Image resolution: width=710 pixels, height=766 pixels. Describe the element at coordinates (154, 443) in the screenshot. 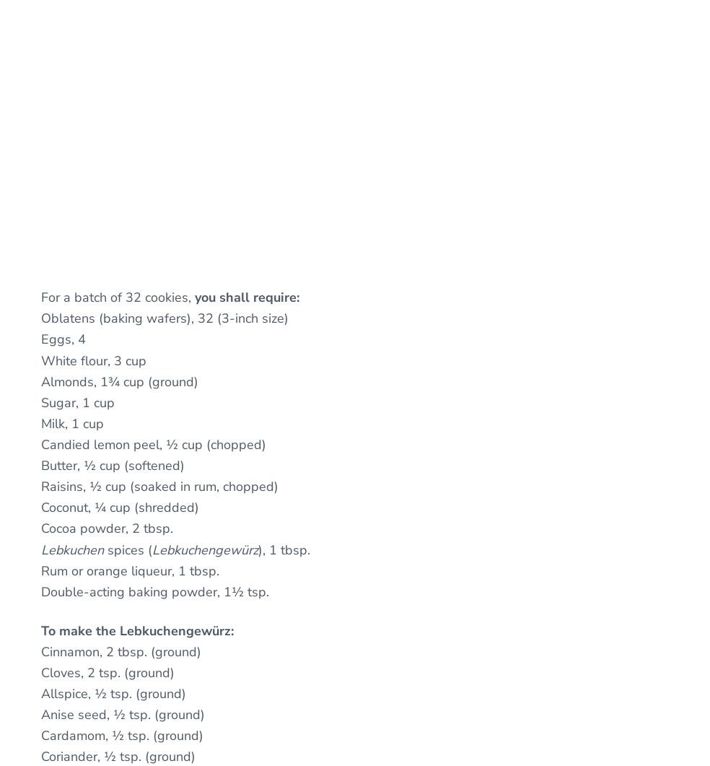

I see `'Candied lemon peel, ½ cup (chopped)'` at that location.